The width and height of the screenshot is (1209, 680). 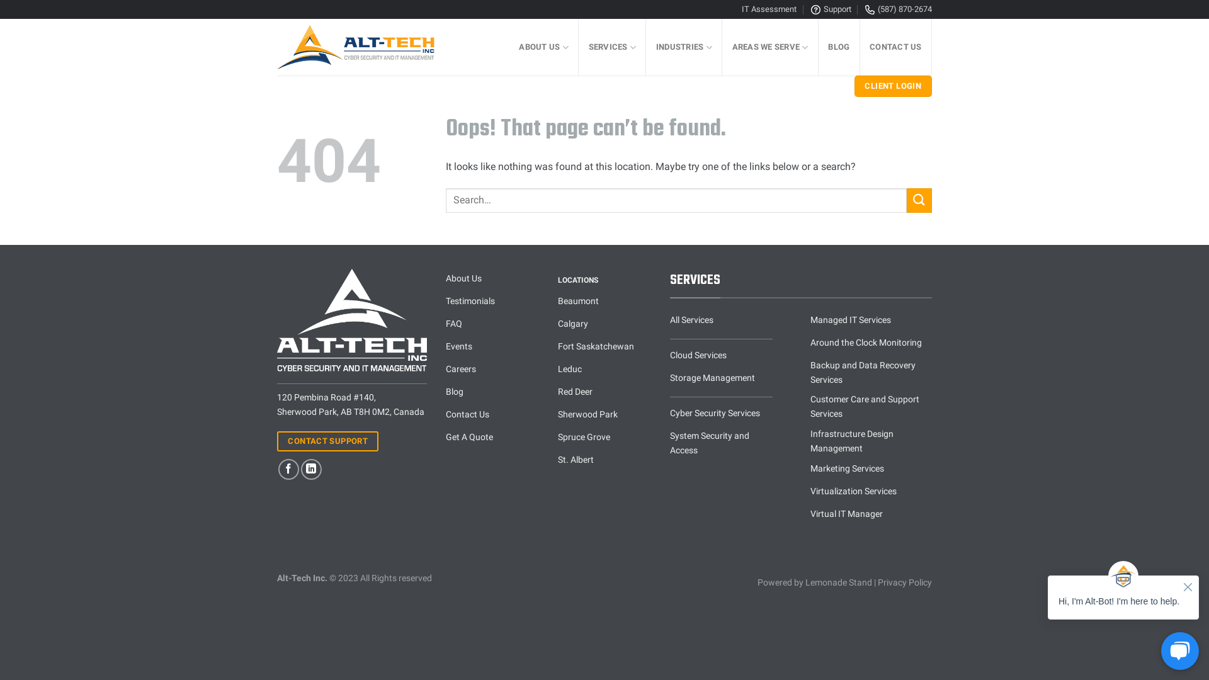 I want to click on 'Support', so click(x=831, y=9).